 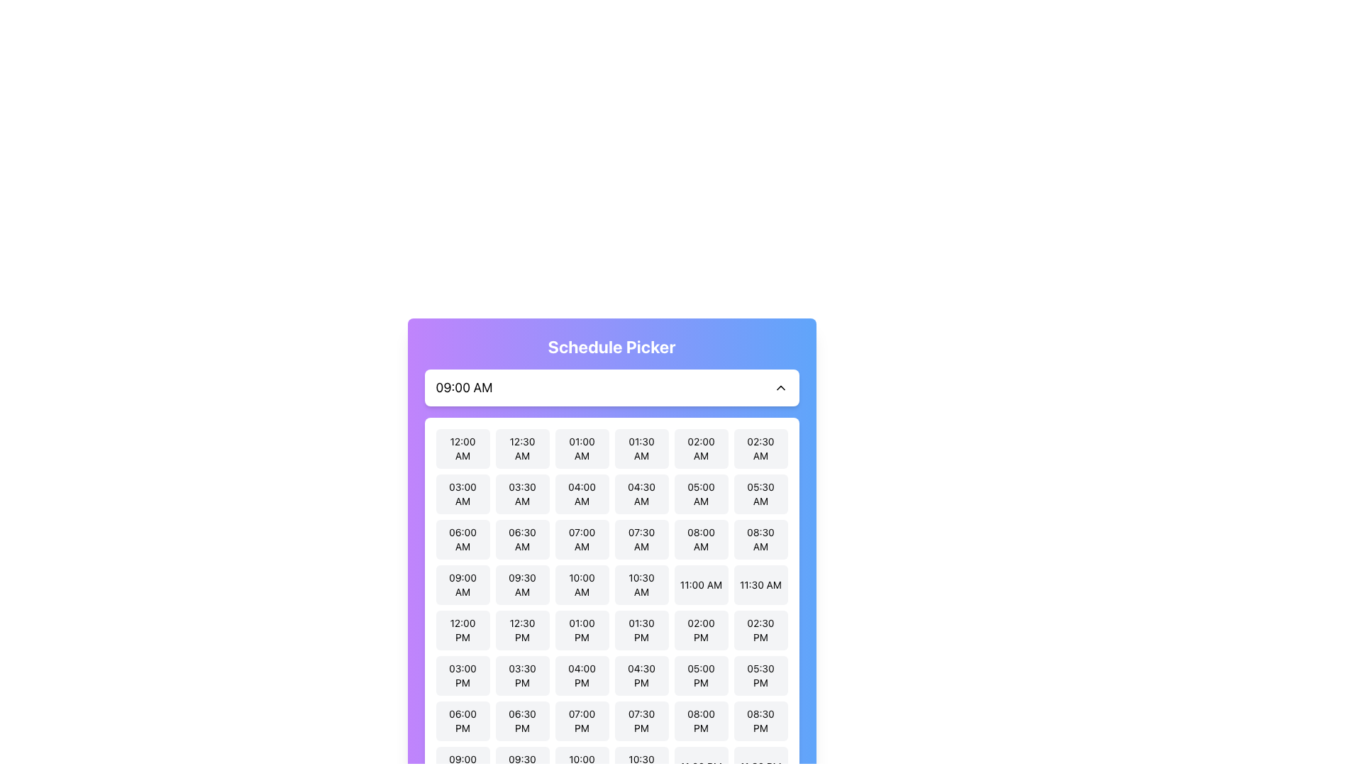 I want to click on the rounded rectangular button labeled '04:00 PM', so click(x=582, y=675).